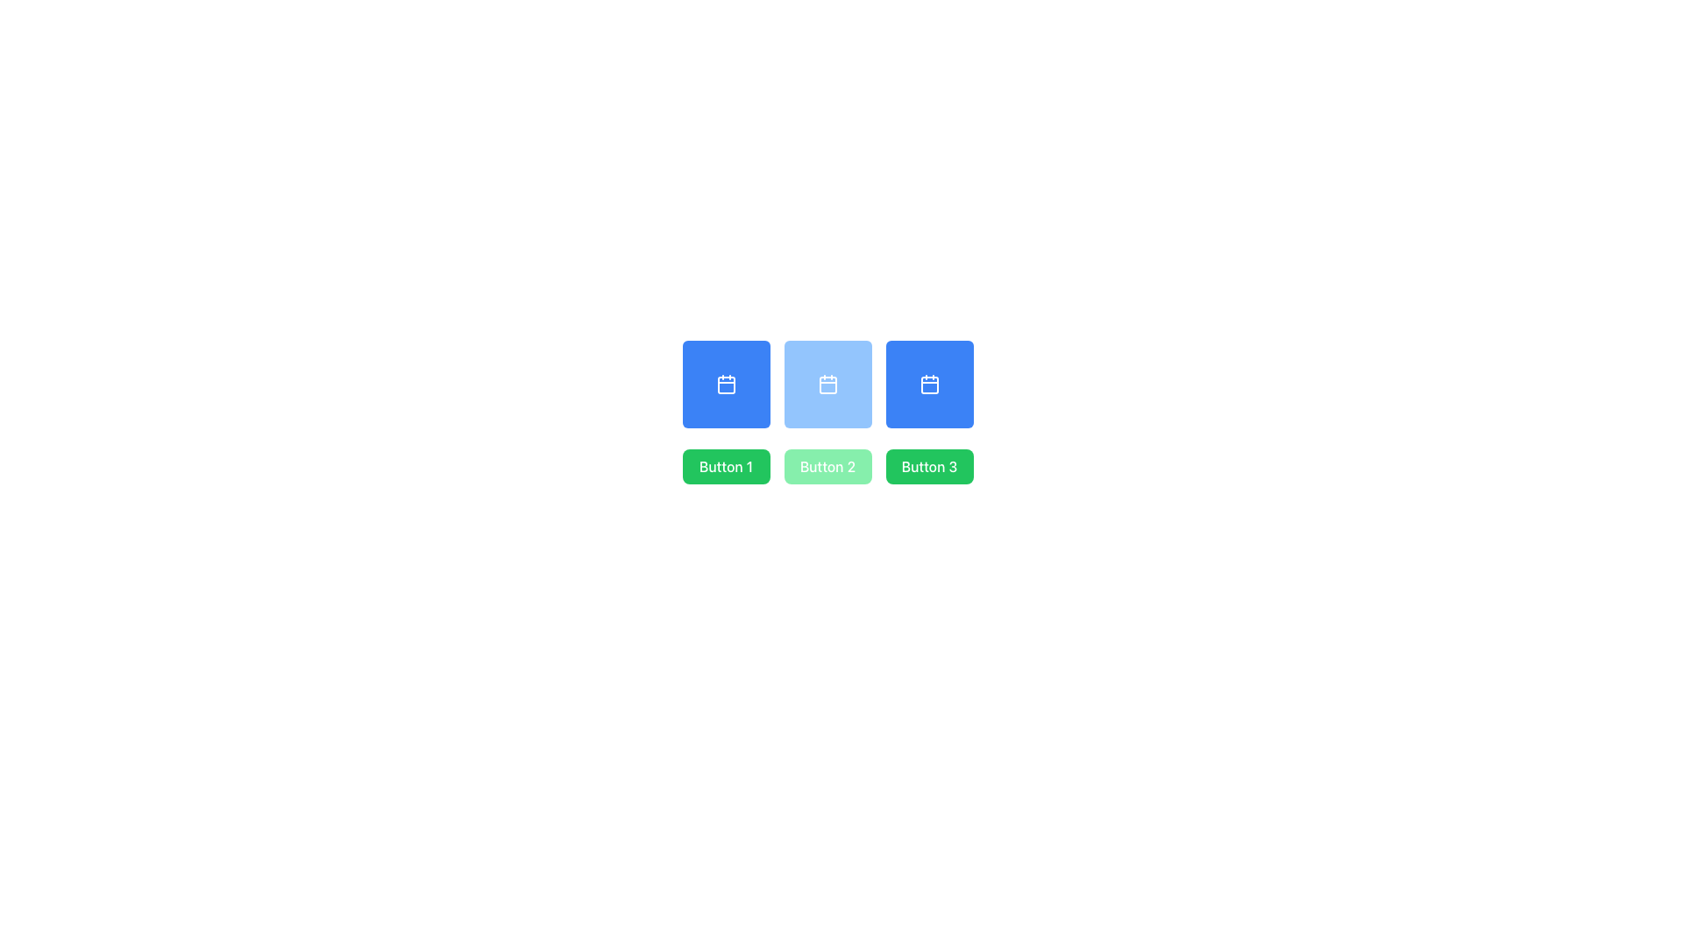 The width and height of the screenshot is (1683, 946). Describe the element at coordinates (827, 384) in the screenshot. I see `the graphical icon with a light blue background and a white calendar icon, which is the second item in a horizontal row of three elements` at that location.